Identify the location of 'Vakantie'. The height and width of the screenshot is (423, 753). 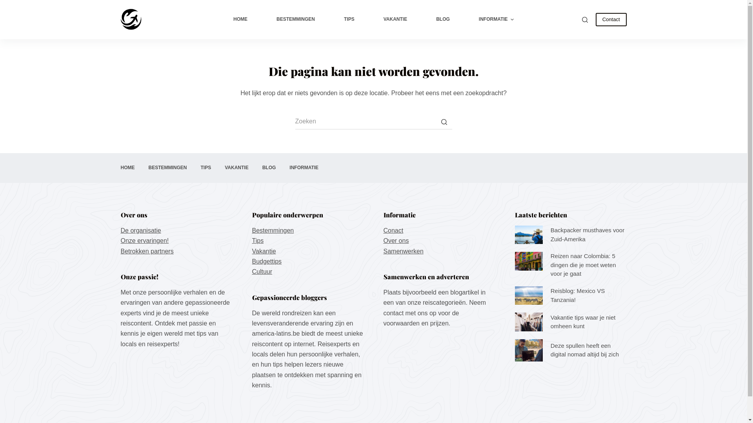
(264, 251).